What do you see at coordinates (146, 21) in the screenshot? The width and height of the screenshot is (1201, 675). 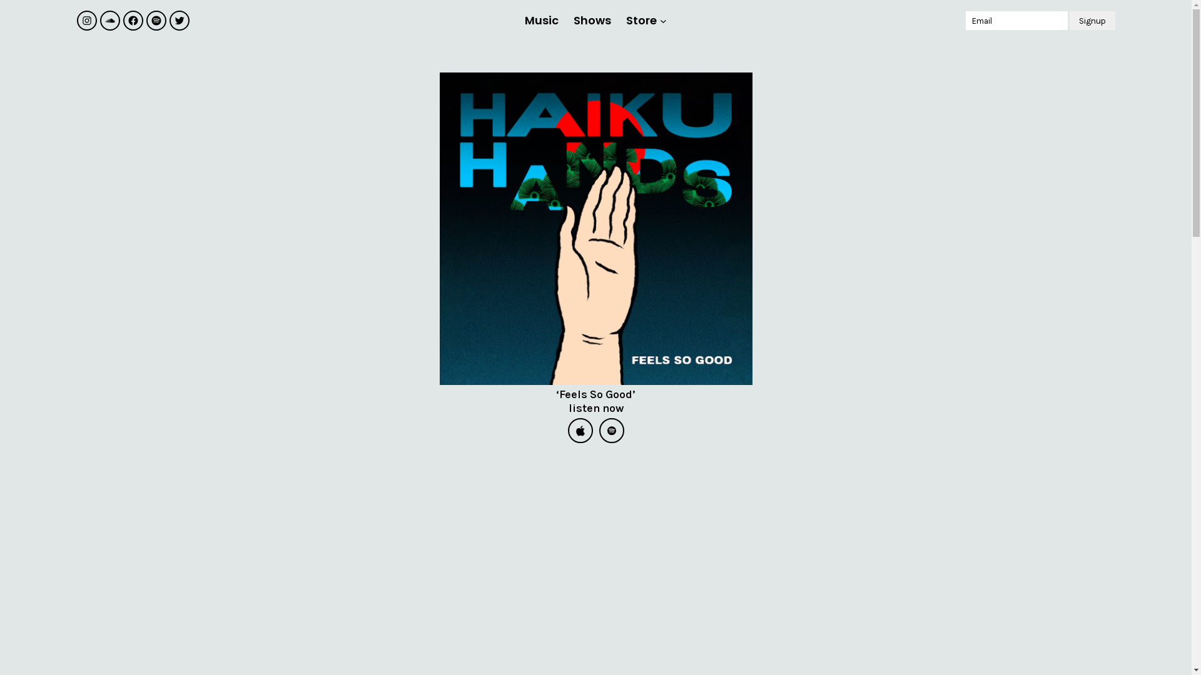 I see `'Spotify'` at bounding box center [146, 21].